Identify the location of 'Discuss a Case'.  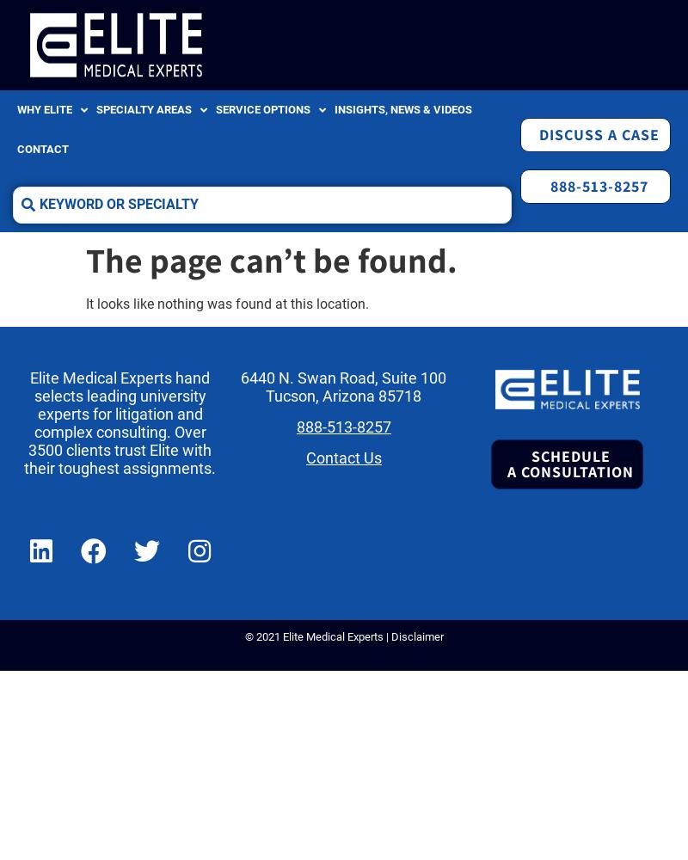
(599, 134).